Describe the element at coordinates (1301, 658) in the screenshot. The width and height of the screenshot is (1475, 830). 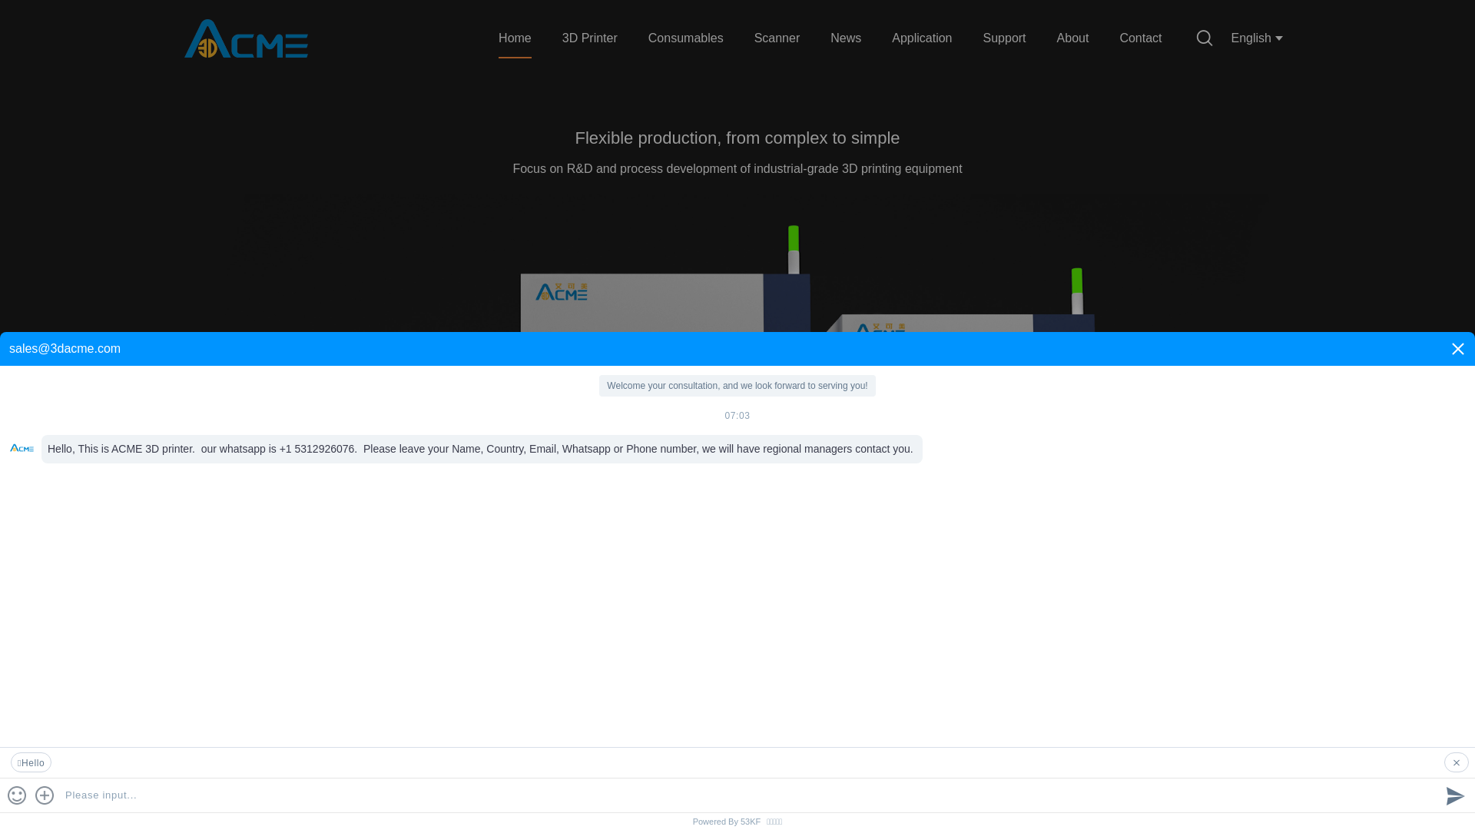
I see `'1'` at that location.